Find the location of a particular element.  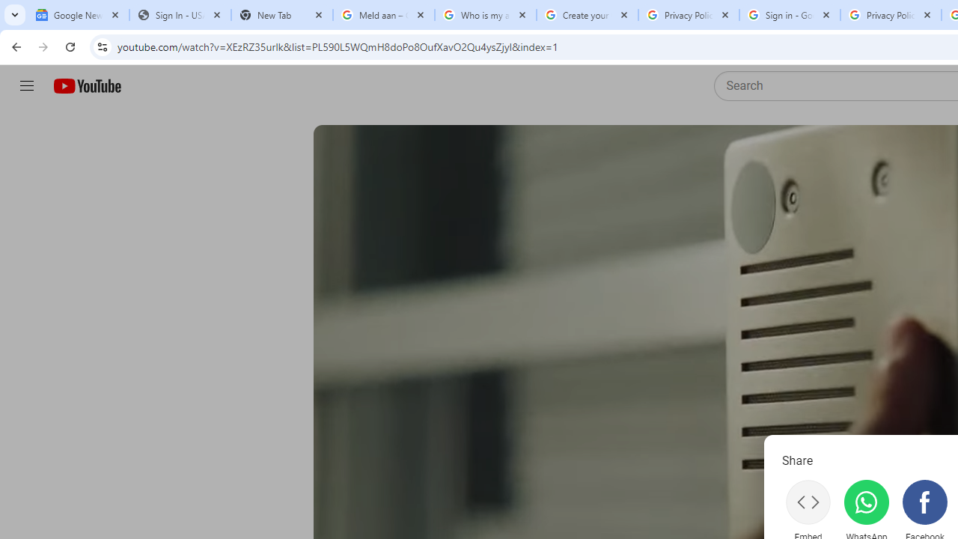

'Sign in - Google Accounts' is located at coordinates (789, 15).